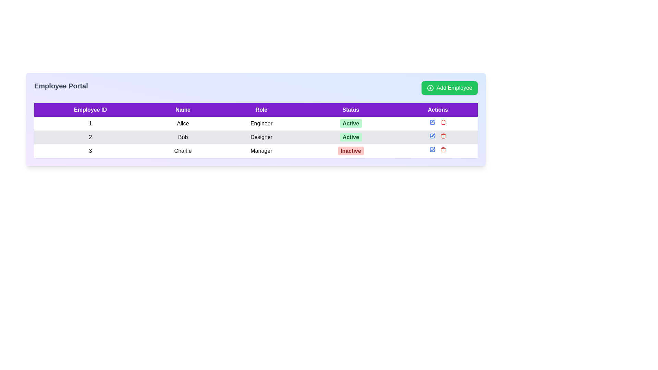  What do you see at coordinates (351, 123) in the screenshot?
I see `the 'Active' label with a green background located in the second row of the table under the 'Status' column for the entry 'Bob'` at bounding box center [351, 123].